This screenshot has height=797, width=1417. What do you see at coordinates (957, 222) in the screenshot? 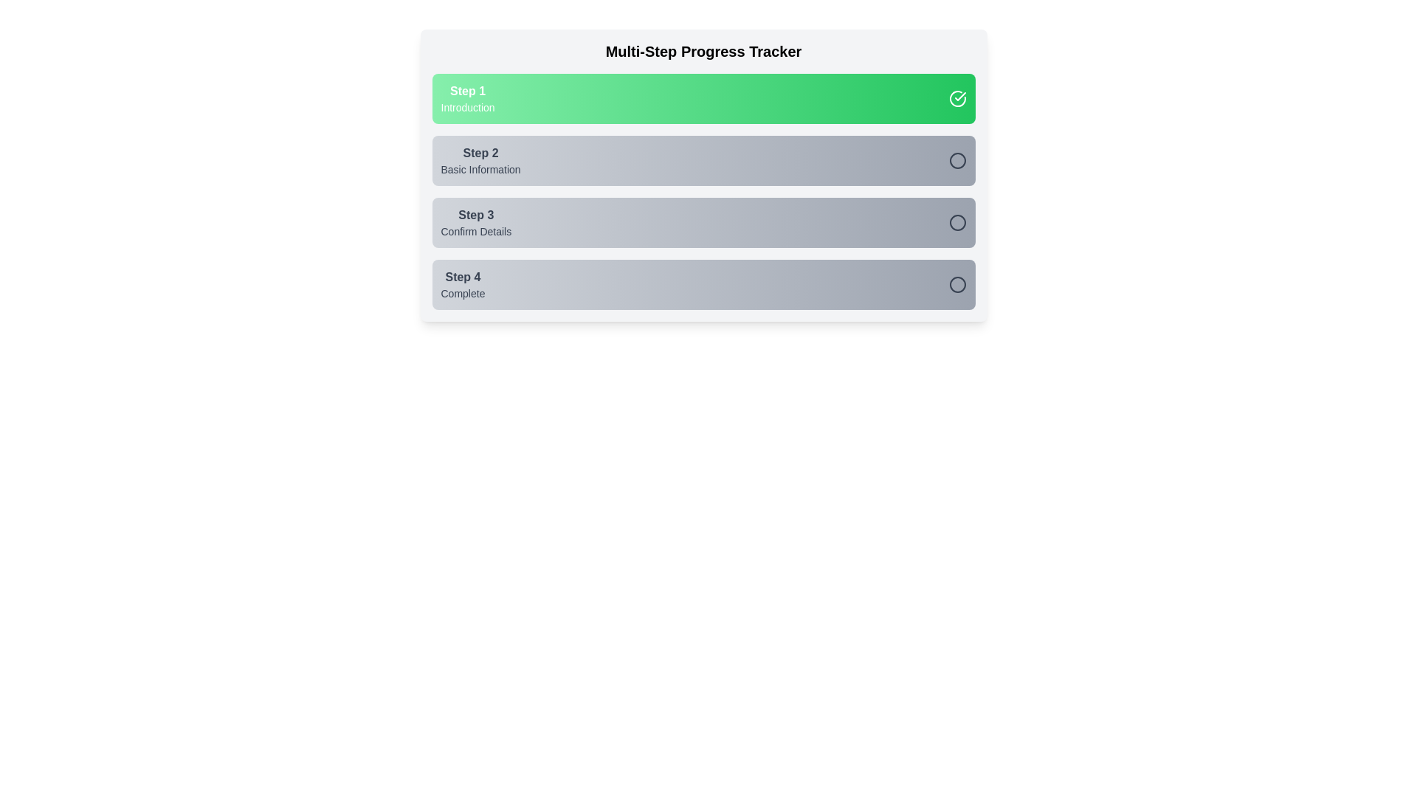
I see `the gray circular vector graphic element in Step 3 of the progress tracker component` at bounding box center [957, 222].